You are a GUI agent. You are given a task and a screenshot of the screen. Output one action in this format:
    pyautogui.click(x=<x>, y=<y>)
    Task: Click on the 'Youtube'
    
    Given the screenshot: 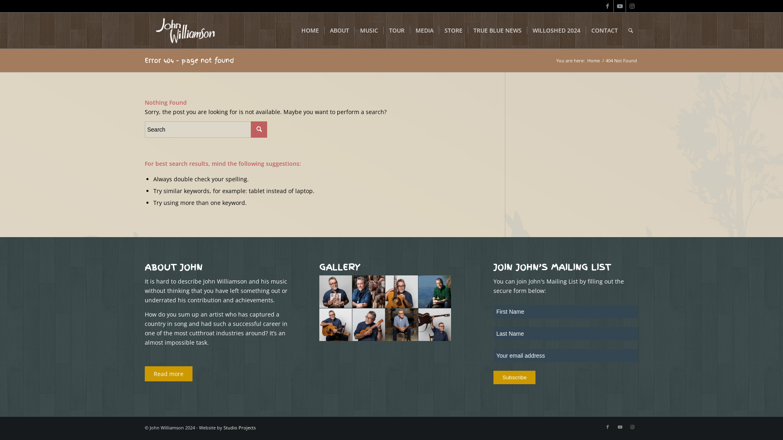 What is the action you would take?
    pyautogui.click(x=619, y=6)
    